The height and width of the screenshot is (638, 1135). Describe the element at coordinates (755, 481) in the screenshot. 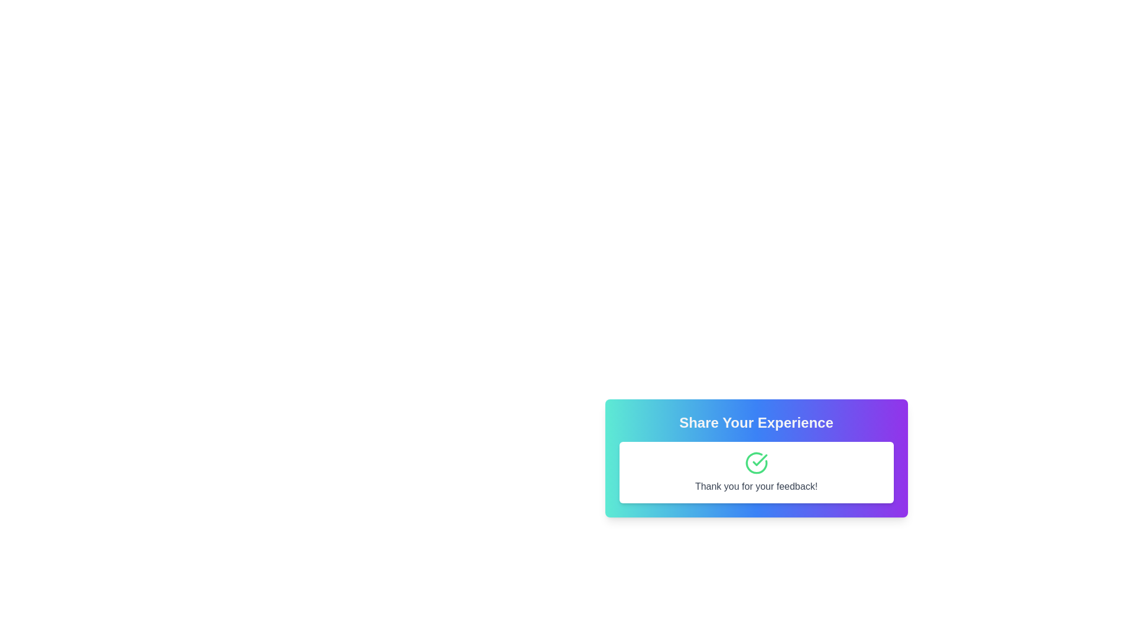

I see `the modal dialog box displaying the user acknowledgment message to read its content` at that location.